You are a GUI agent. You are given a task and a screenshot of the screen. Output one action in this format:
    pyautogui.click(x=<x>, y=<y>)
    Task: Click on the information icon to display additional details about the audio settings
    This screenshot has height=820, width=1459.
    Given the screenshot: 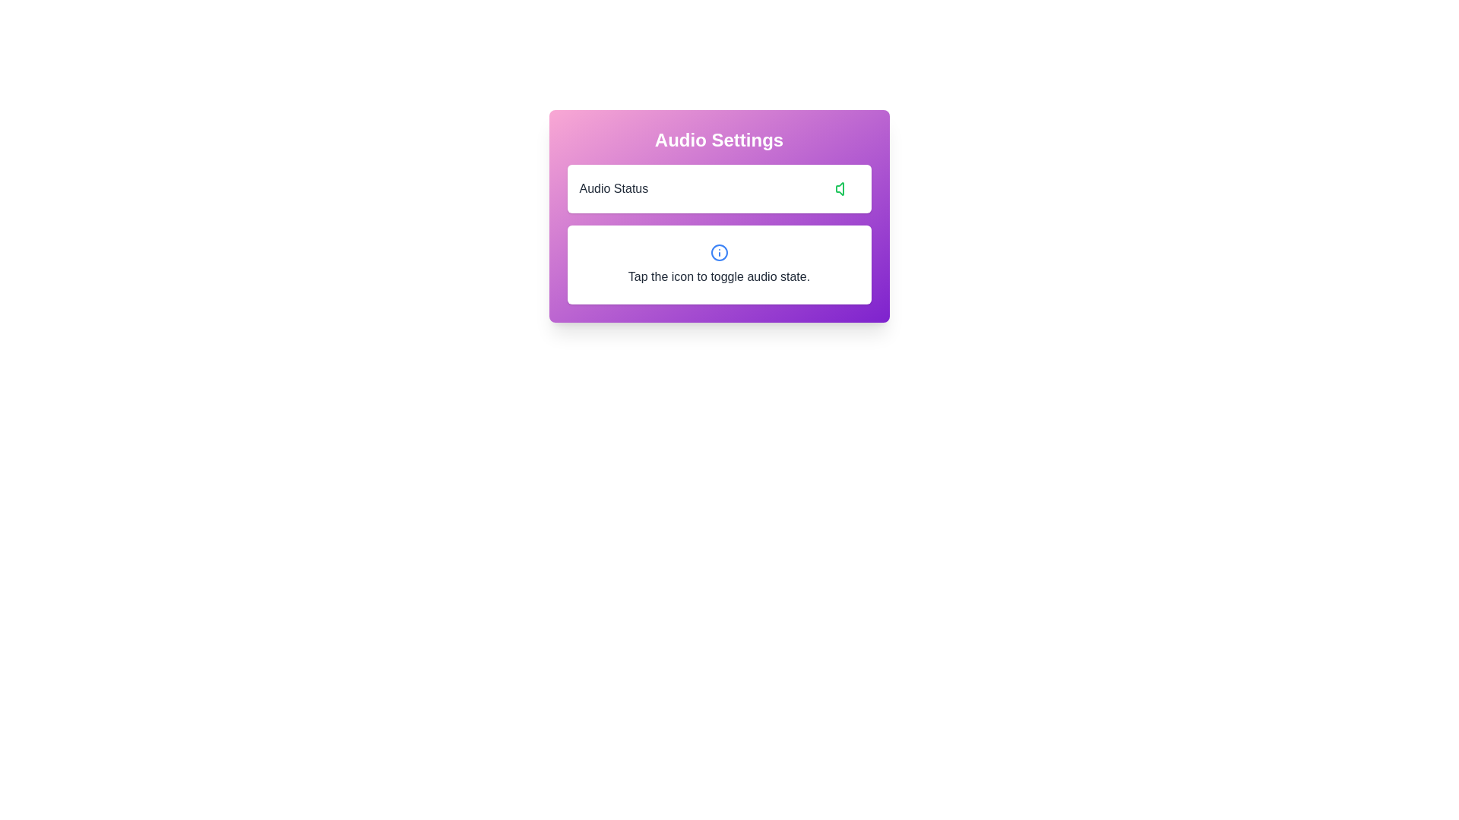 What is the action you would take?
    pyautogui.click(x=718, y=251)
    